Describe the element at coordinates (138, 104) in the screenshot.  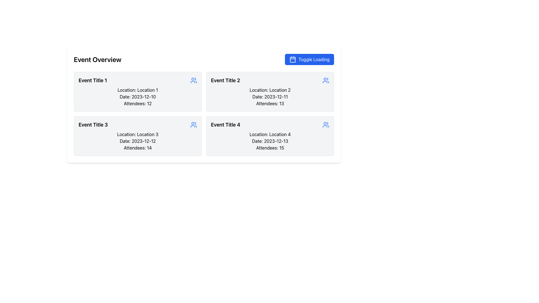
I see `number of attendees from the informational text label located in the first event card at the top-left corner of the event grid layout, specifically the fourth line below the 'Date: 2023-12-10'` at that location.